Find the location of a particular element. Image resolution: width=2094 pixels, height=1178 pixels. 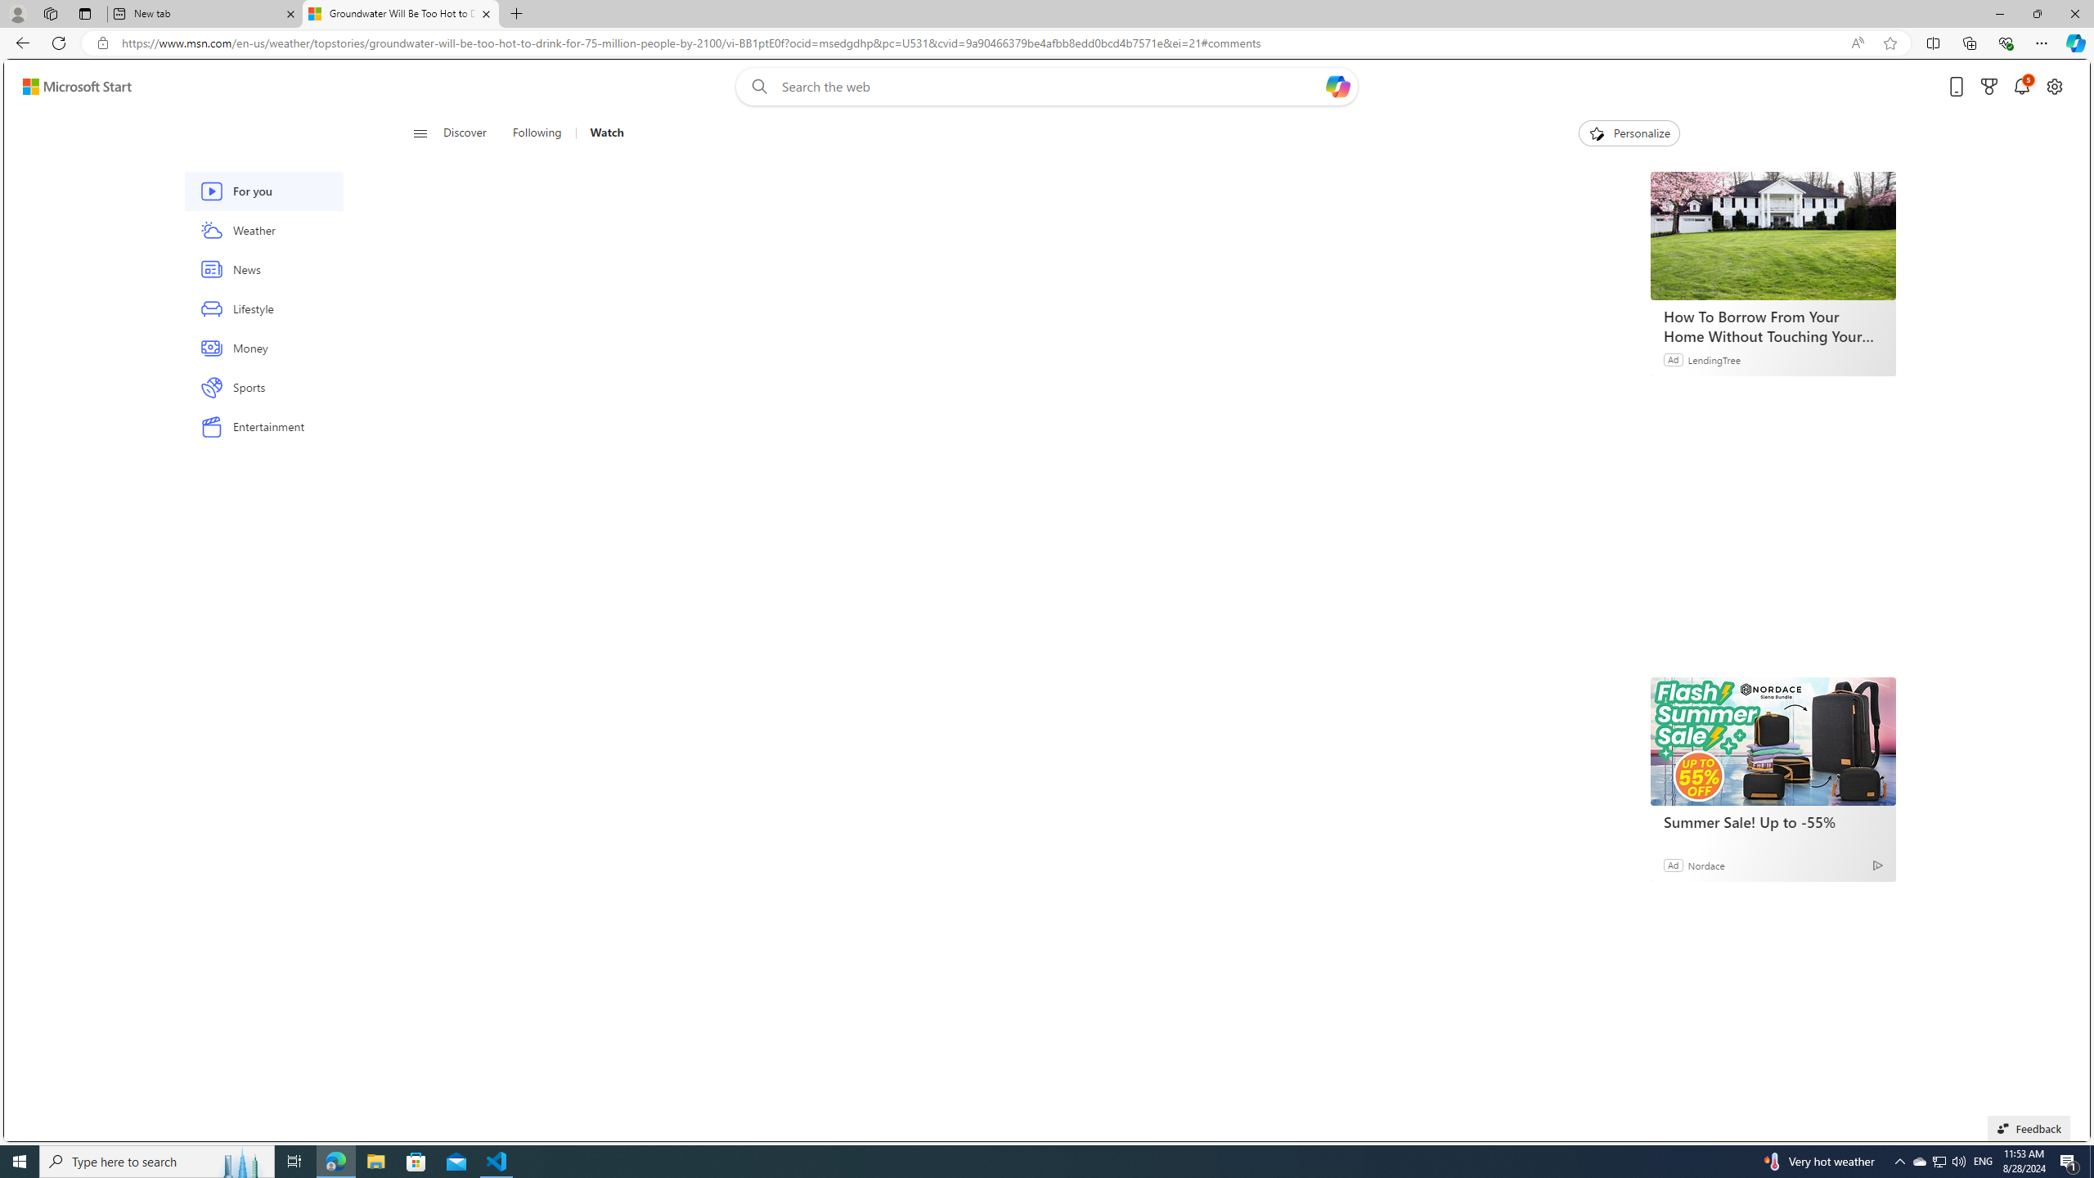

'Web search' is located at coordinates (757, 87).